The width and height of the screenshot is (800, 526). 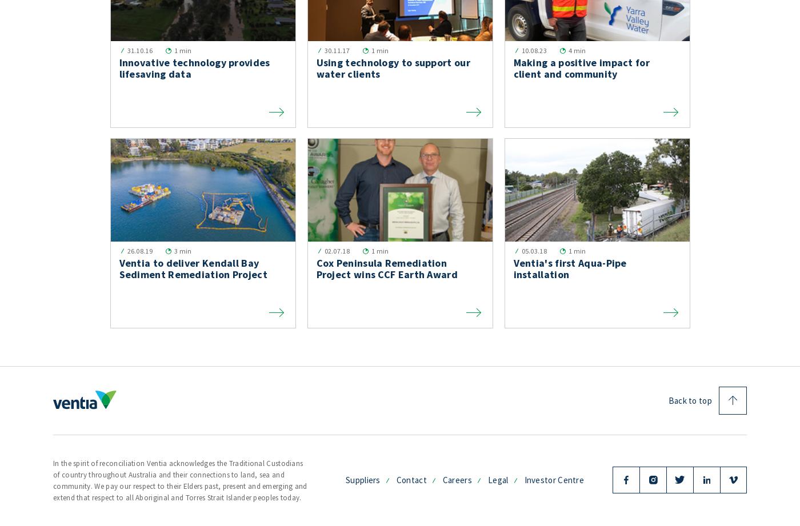 I want to click on 'Careers', so click(x=457, y=479).